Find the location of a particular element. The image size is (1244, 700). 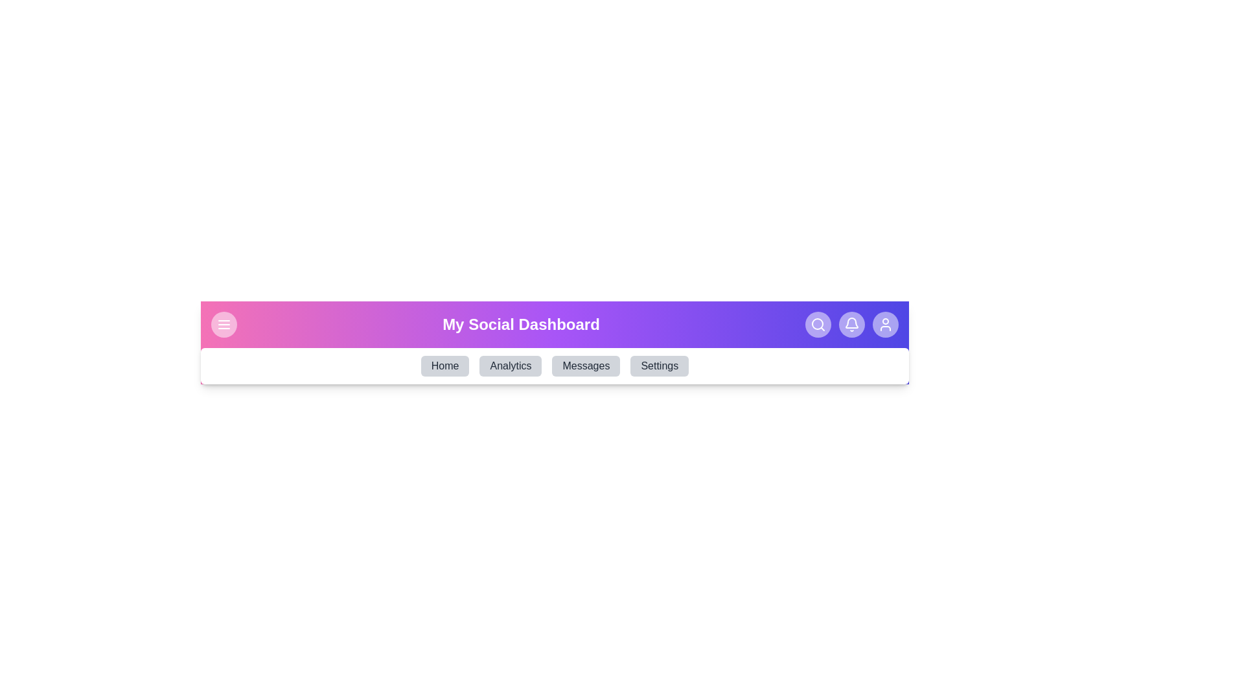

the navigation item Home from the navigation bar is located at coordinates (444, 366).